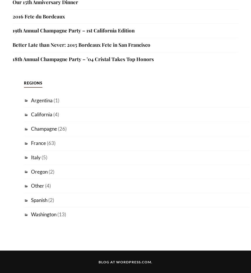 This screenshot has height=273, width=251. Describe the element at coordinates (56, 100) in the screenshot. I see `'(1)'` at that location.